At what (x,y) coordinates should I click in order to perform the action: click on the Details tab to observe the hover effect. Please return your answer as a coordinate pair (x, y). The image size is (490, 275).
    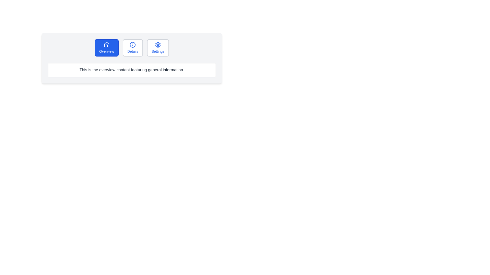
    Looking at the image, I should click on (133, 48).